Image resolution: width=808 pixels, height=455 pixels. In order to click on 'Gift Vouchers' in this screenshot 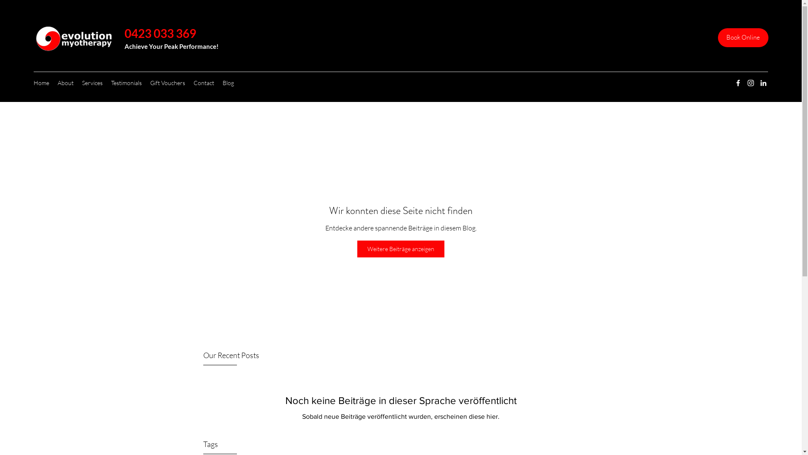, I will do `click(167, 83)`.